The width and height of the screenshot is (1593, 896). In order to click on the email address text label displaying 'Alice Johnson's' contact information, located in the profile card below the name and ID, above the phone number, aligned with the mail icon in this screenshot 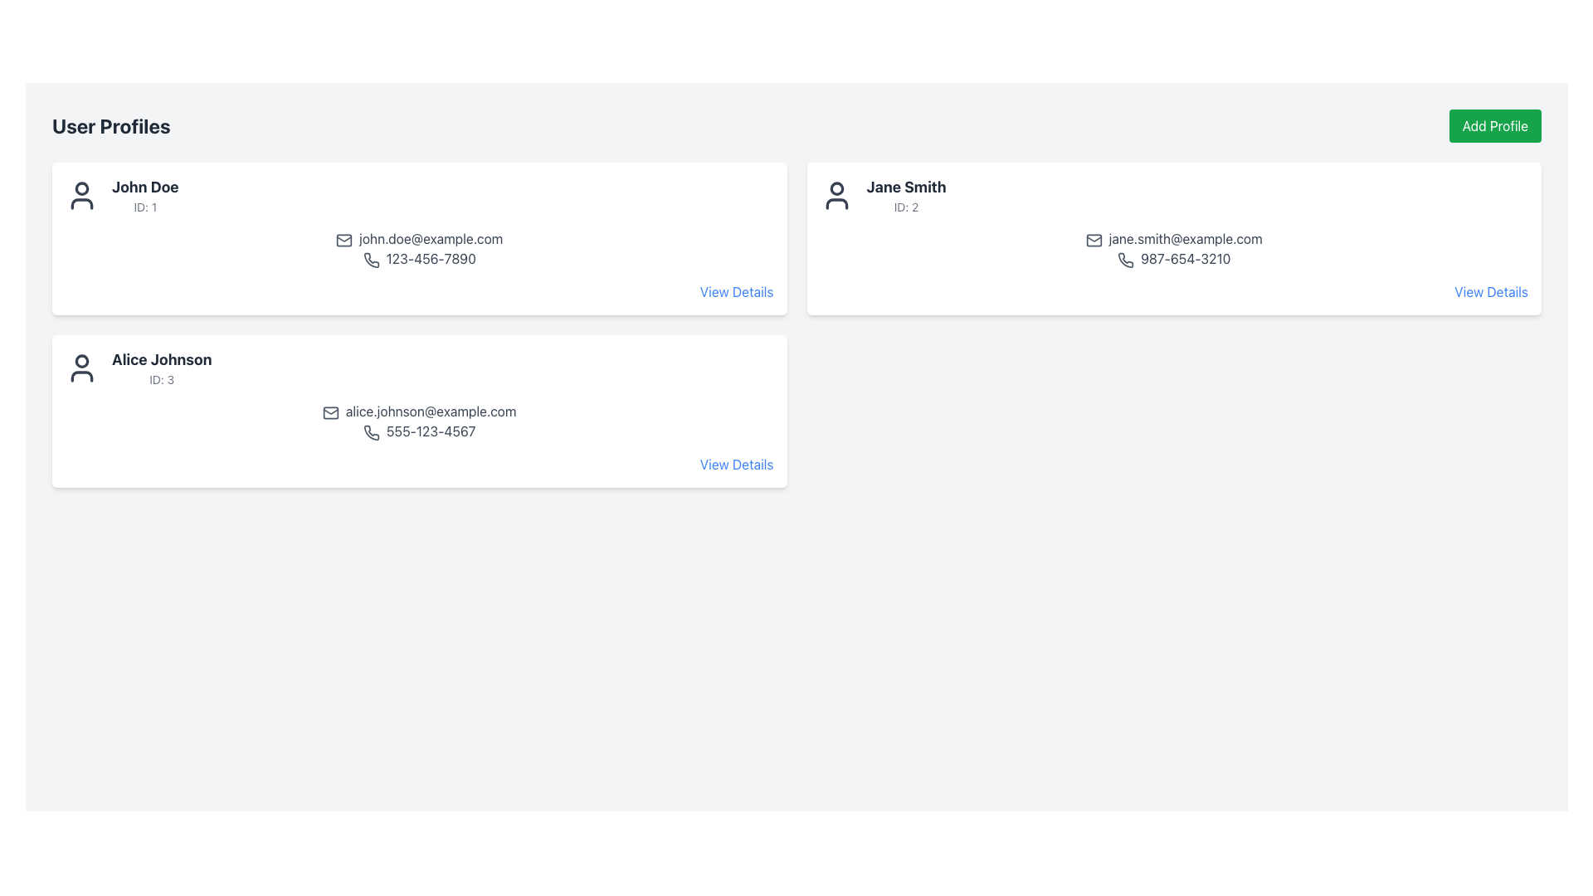, I will do `click(419, 411)`.